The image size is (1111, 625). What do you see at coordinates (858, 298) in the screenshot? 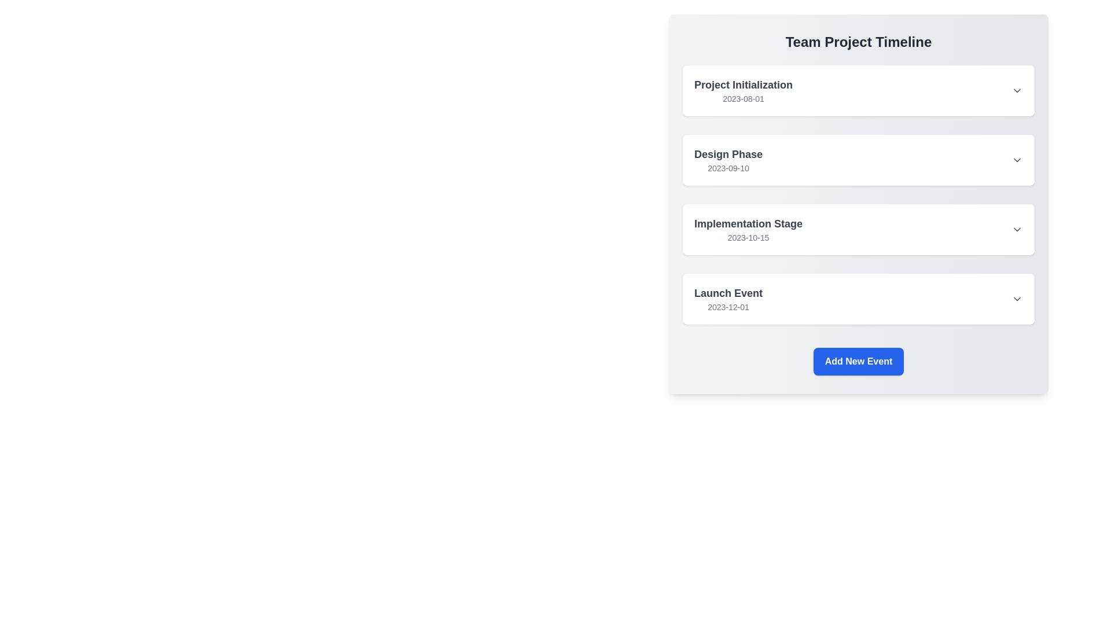
I see `the Timeline event item titled 'Launch Event' with the date '2023-12-01'` at bounding box center [858, 298].